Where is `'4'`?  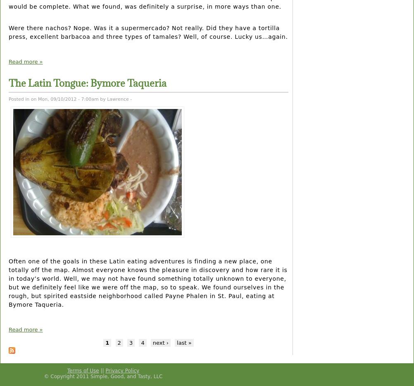
'4' is located at coordinates (140, 342).